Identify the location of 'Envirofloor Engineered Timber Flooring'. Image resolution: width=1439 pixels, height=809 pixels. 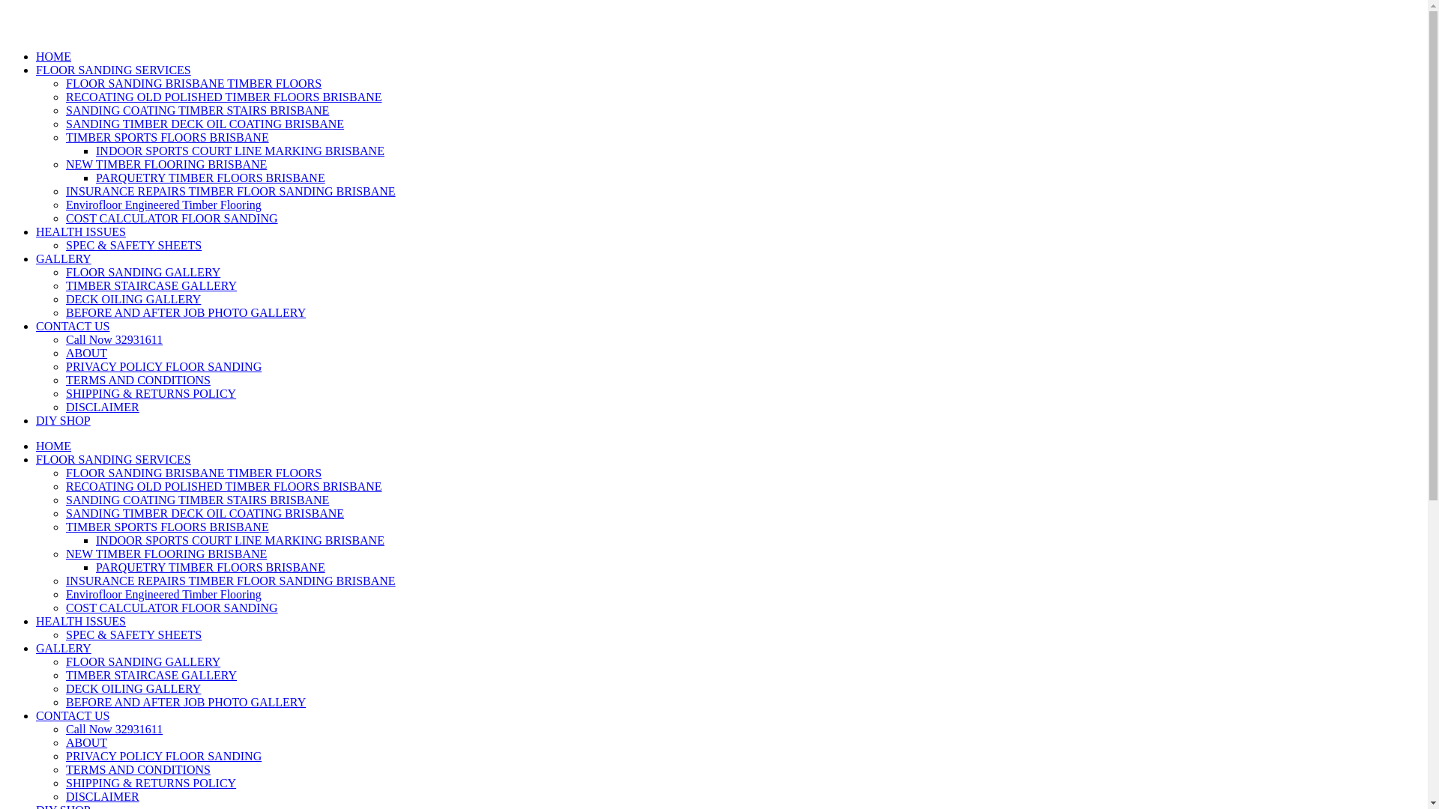
(163, 204).